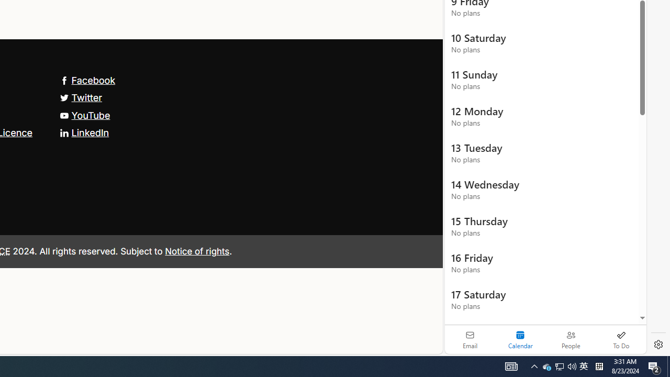 The width and height of the screenshot is (670, 377). Describe the element at coordinates (520, 339) in the screenshot. I see `'Selected calendar module. Date today is 22'` at that location.